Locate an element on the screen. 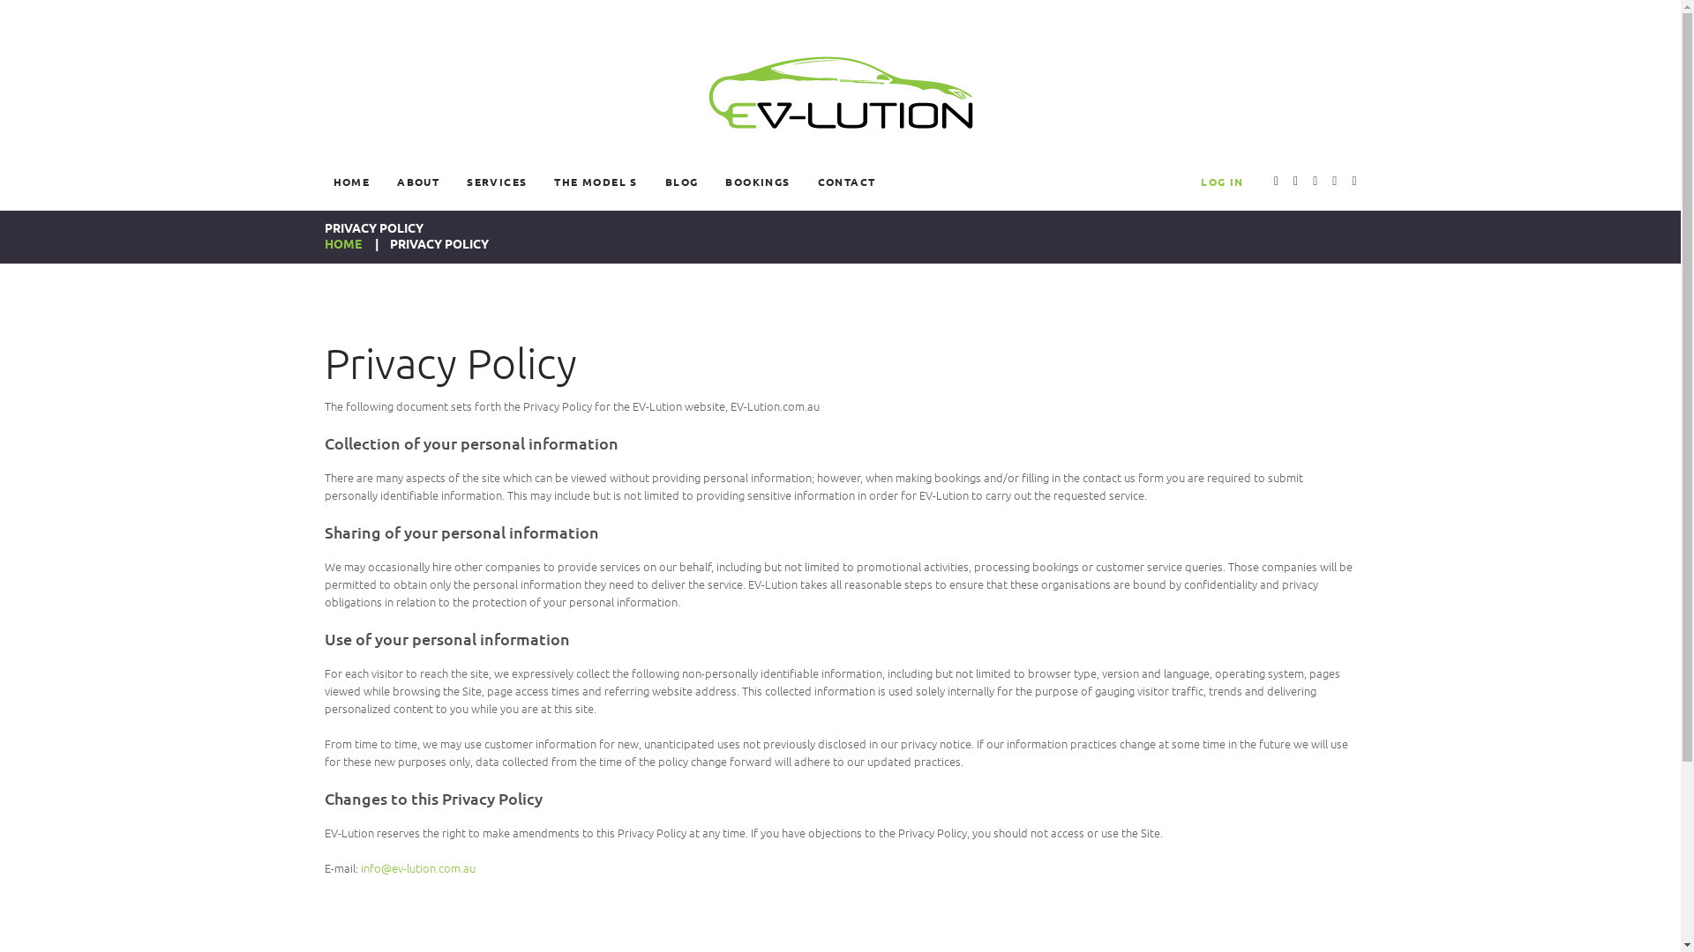  'instagram' is located at coordinates (1334, 182).